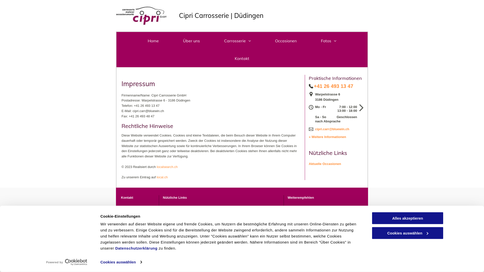  Describe the element at coordinates (242, 58) in the screenshot. I see `'Kontakt'` at that location.